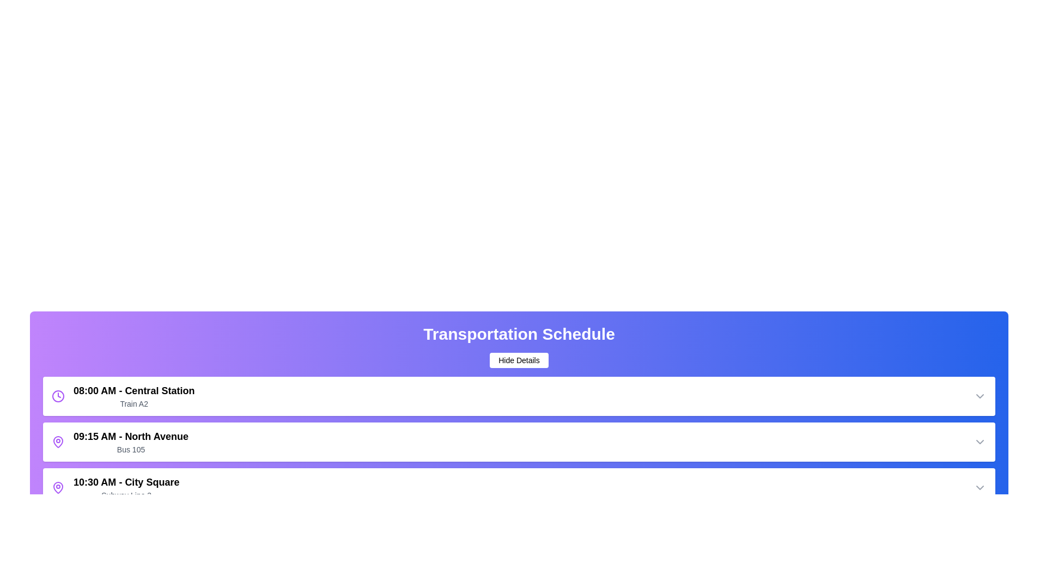 The height and width of the screenshot is (588, 1046). What do you see at coordinates (519, 333) in the screenshot?
I see `the text of the schedule title` at bounding box center [519, 333].